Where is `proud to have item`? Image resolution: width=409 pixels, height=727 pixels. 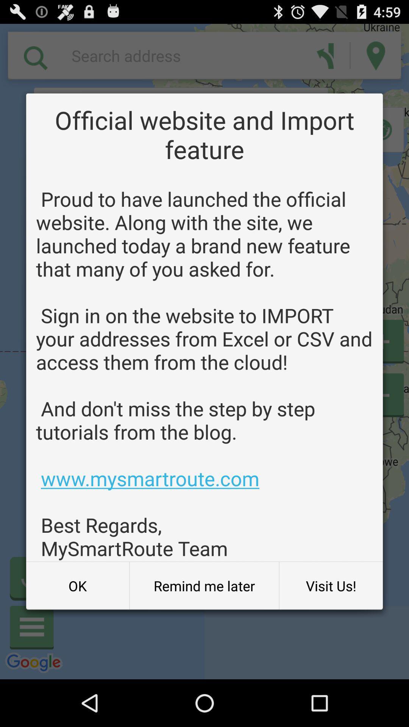
proud to have item is located at coordinates (204, 373).